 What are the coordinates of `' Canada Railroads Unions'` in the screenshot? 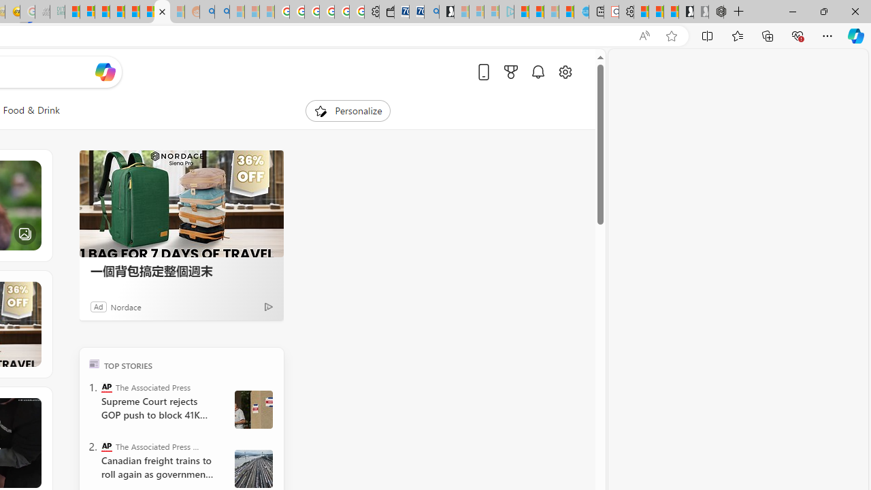 It's located at (254, 468).